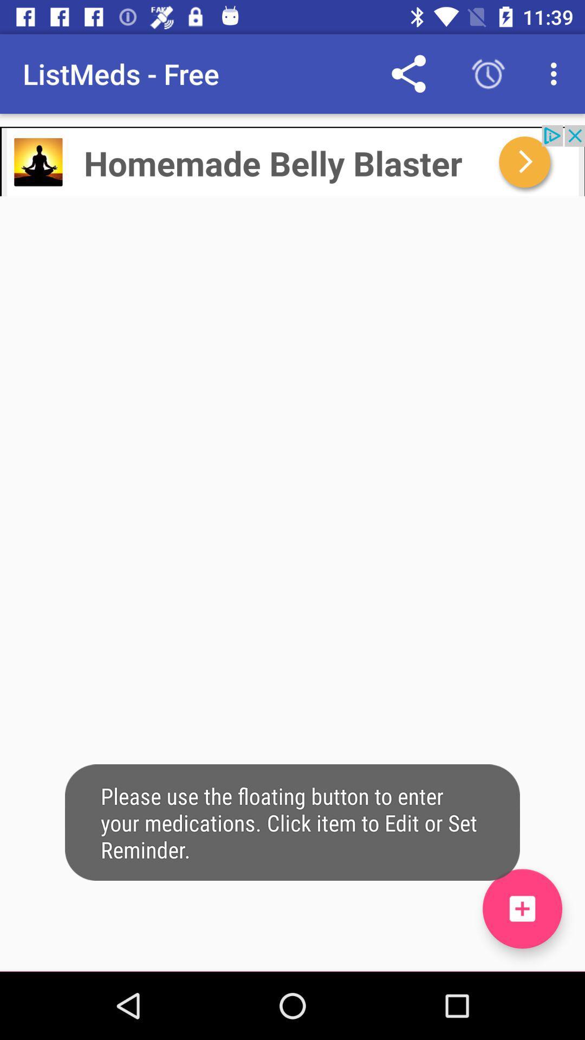 The image size is (585, 1040). What do you see at coordinates (522, 909) in the screenshot?
I see `listmeds free` at bounding box center [522, 909].